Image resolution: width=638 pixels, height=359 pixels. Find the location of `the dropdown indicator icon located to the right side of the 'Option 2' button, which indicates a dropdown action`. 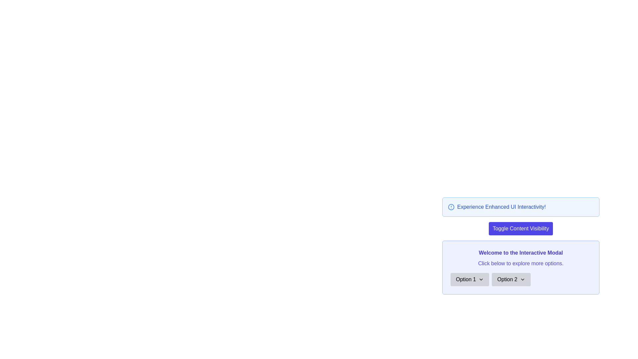

the dropdown indicator icon located to the right side of the 'Option 2' button, which indicates a dropdown action is located at coordinates (522, 279).